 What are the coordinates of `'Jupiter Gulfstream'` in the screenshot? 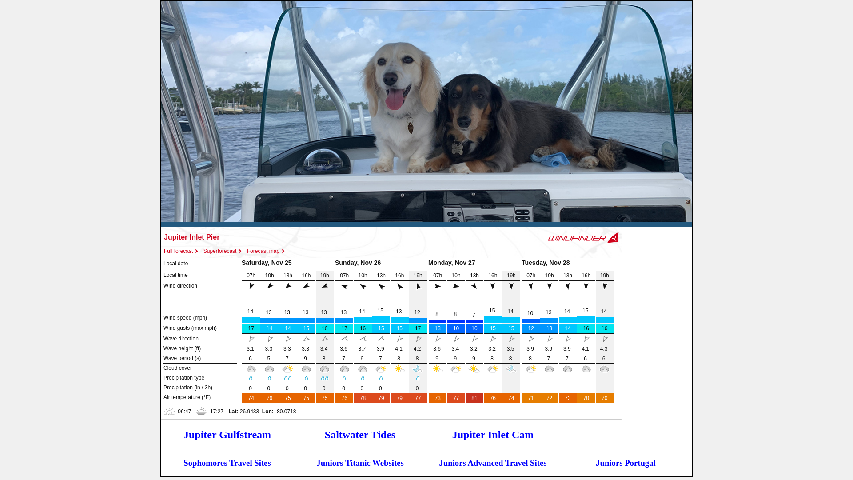 It's located at (227, 434).